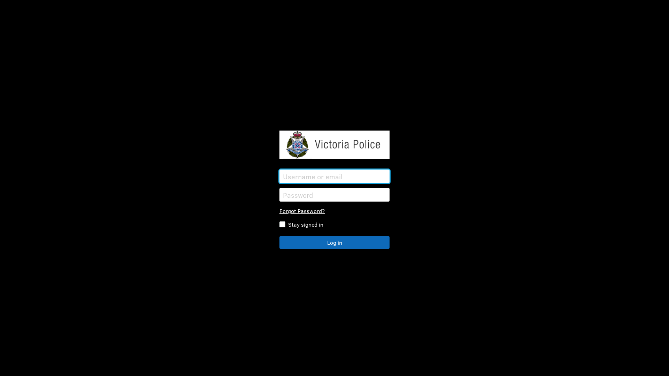 This screenshot has width=669, height=376. Describe the element at coordinates (334, 242) in the screenshot. I see `'Log in'` at that location.